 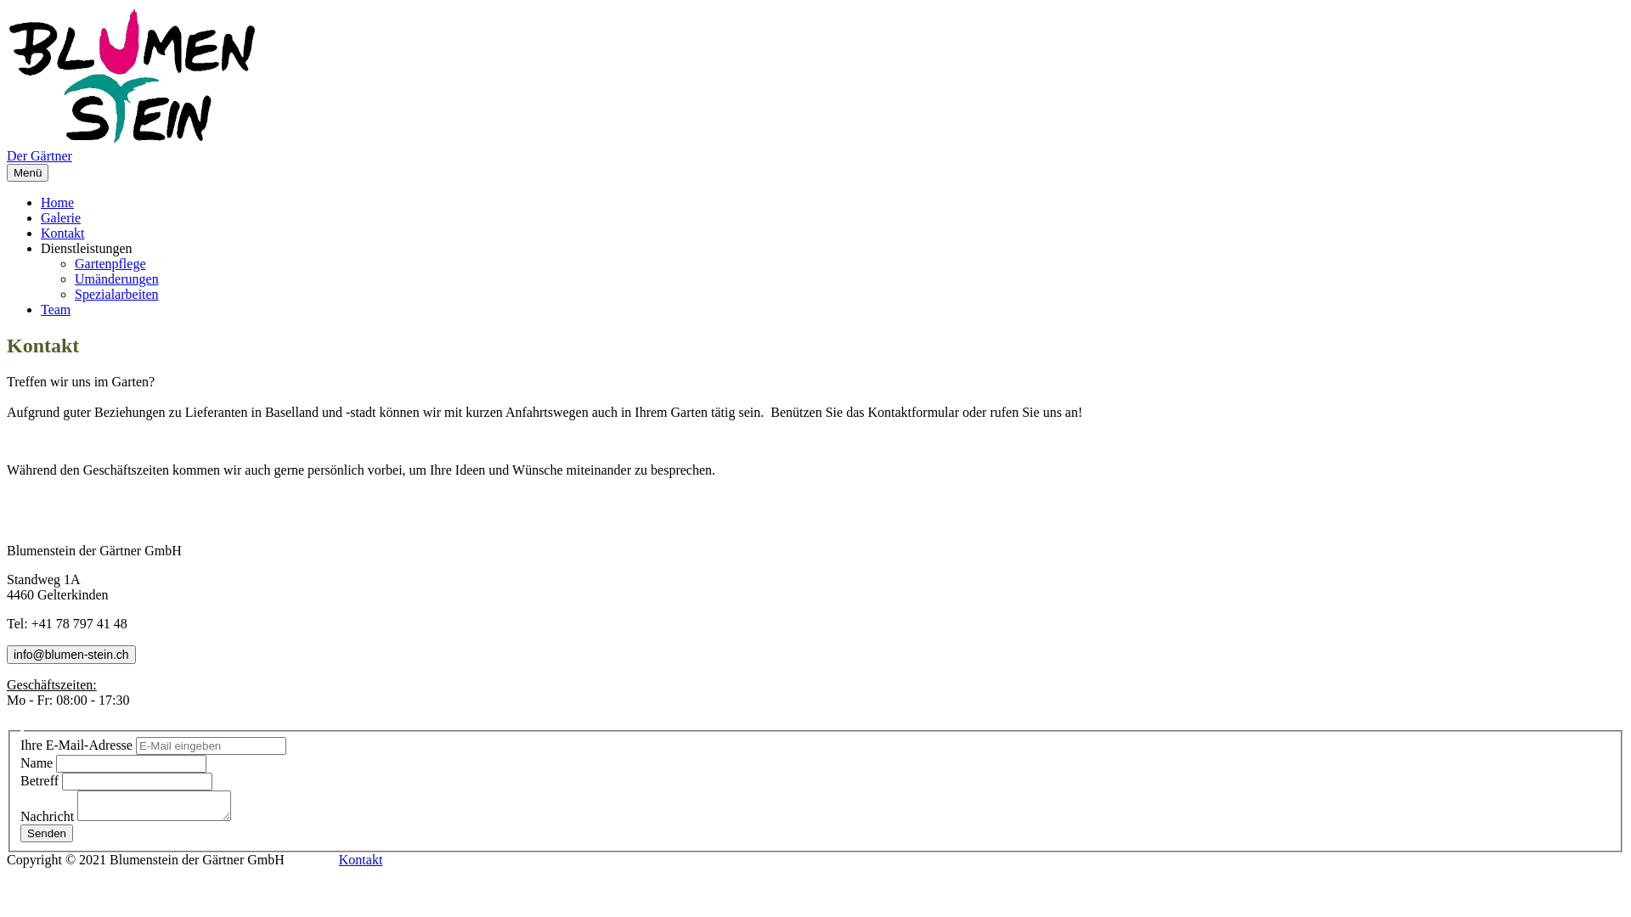 What do you see at coordinates (109, 263) in the screenshot?
I see `'Gartenpflege'` at bounding box center [109, 263].